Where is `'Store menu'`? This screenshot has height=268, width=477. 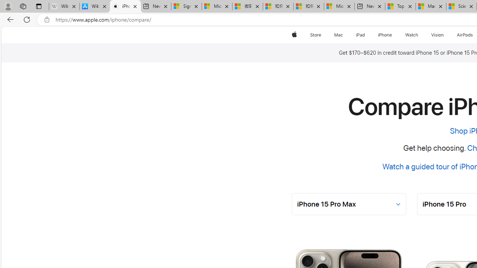
'Store menu' is located at coordinates (322, 35).